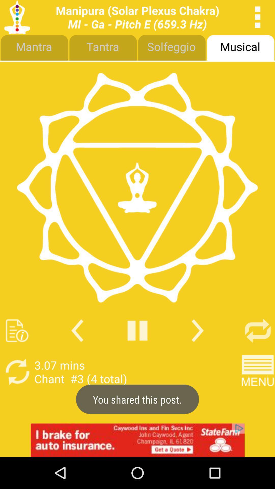 The width and height of the screenshot is (275, 489). Describe the element at coordinates (137, 440) in the screenshot. I see `advertisement about caywood inc and fin swcs inc` at that location.